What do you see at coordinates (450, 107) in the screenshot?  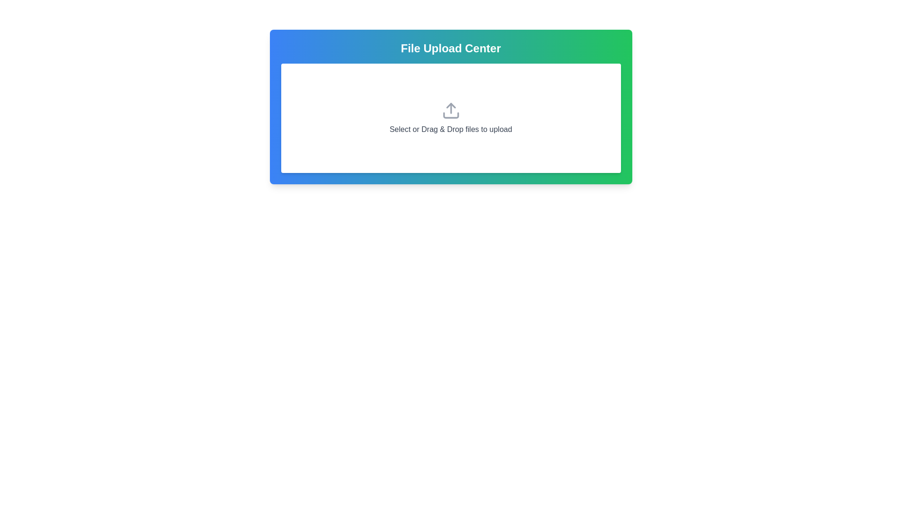 I see `the Interactive file upload panel, which is centrally located and serves as the main component for initiating file uploads` at bounding box center [450, 107].